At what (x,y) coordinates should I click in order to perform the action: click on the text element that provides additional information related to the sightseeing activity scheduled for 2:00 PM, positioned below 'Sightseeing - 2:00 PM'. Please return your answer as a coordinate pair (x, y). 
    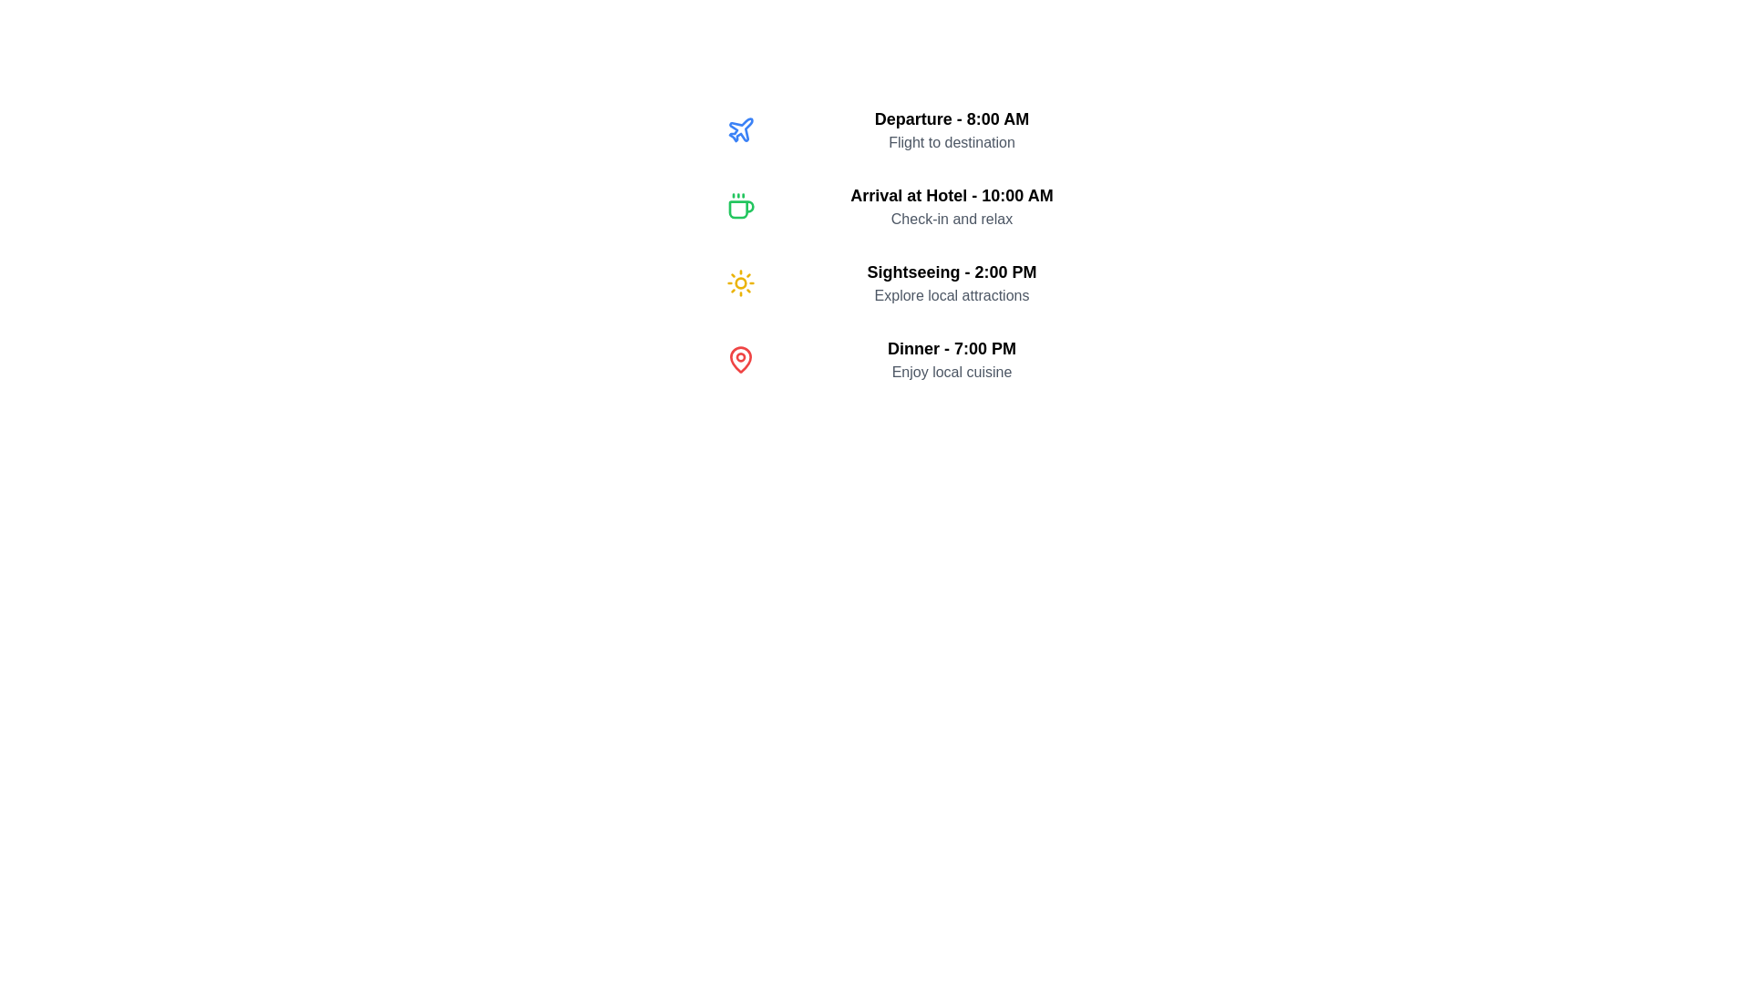
    Looking at the image, I should click on (951, 294).